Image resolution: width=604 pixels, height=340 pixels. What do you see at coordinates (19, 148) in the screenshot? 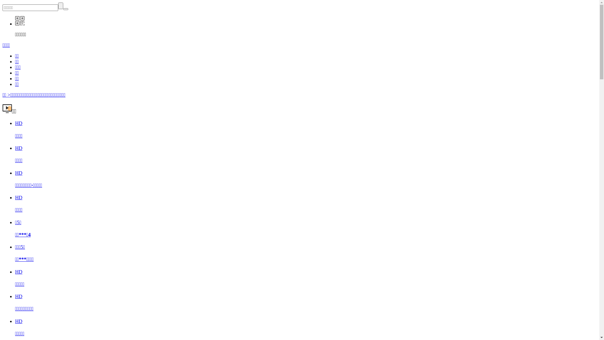
I see `'HD'` at bounding box center [19, 148].